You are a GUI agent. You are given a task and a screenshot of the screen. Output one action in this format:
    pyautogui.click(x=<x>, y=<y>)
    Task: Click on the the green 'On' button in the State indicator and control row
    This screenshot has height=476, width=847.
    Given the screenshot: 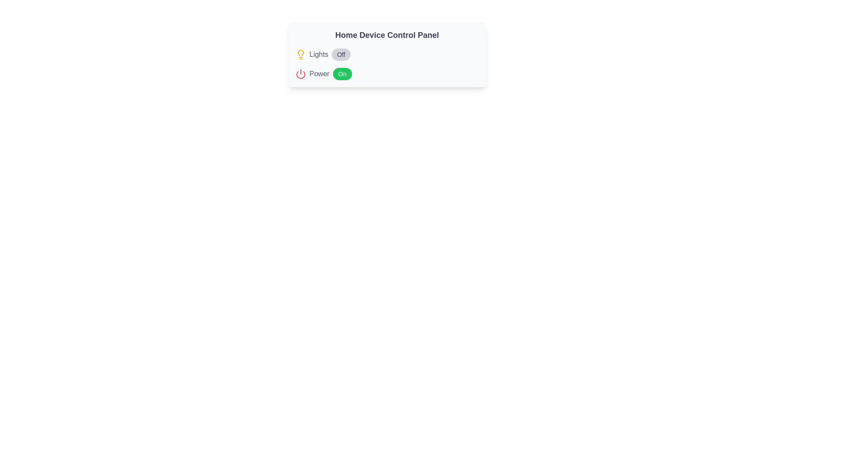 What is the action you would take?
    pyautogui.click(x=387, y=74)
    